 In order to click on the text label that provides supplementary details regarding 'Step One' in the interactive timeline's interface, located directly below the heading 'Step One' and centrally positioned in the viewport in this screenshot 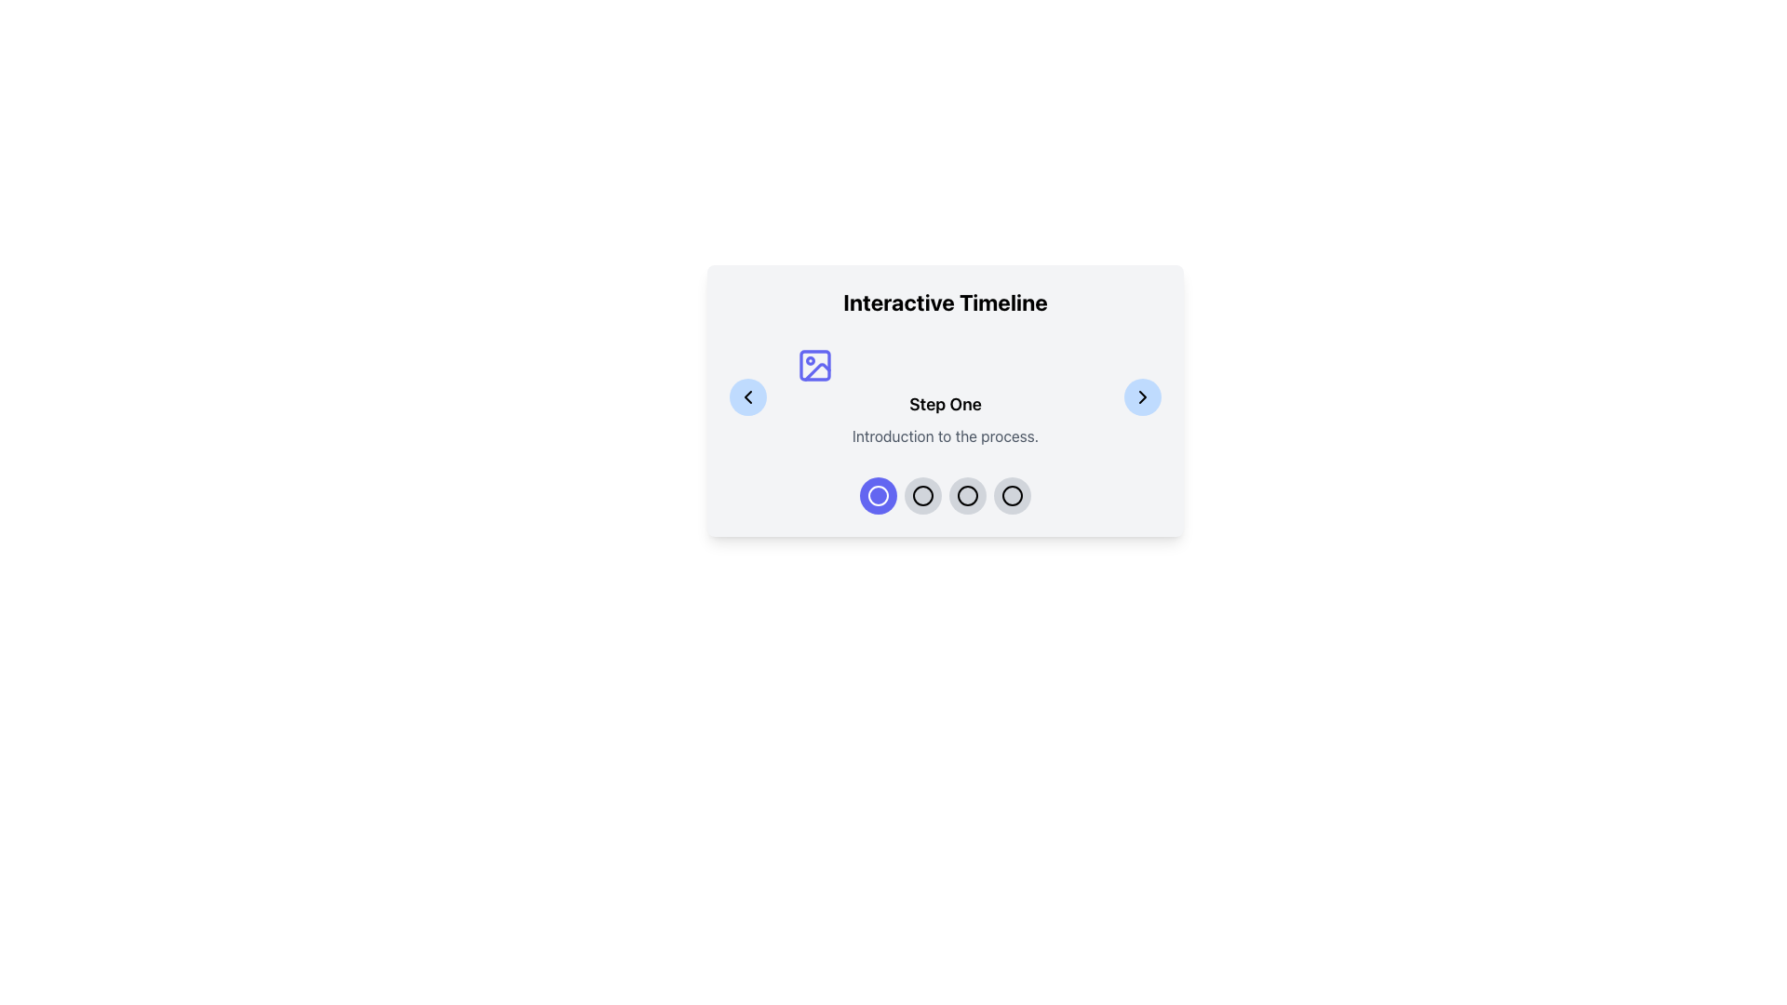, I will do `click(946, 436)`.